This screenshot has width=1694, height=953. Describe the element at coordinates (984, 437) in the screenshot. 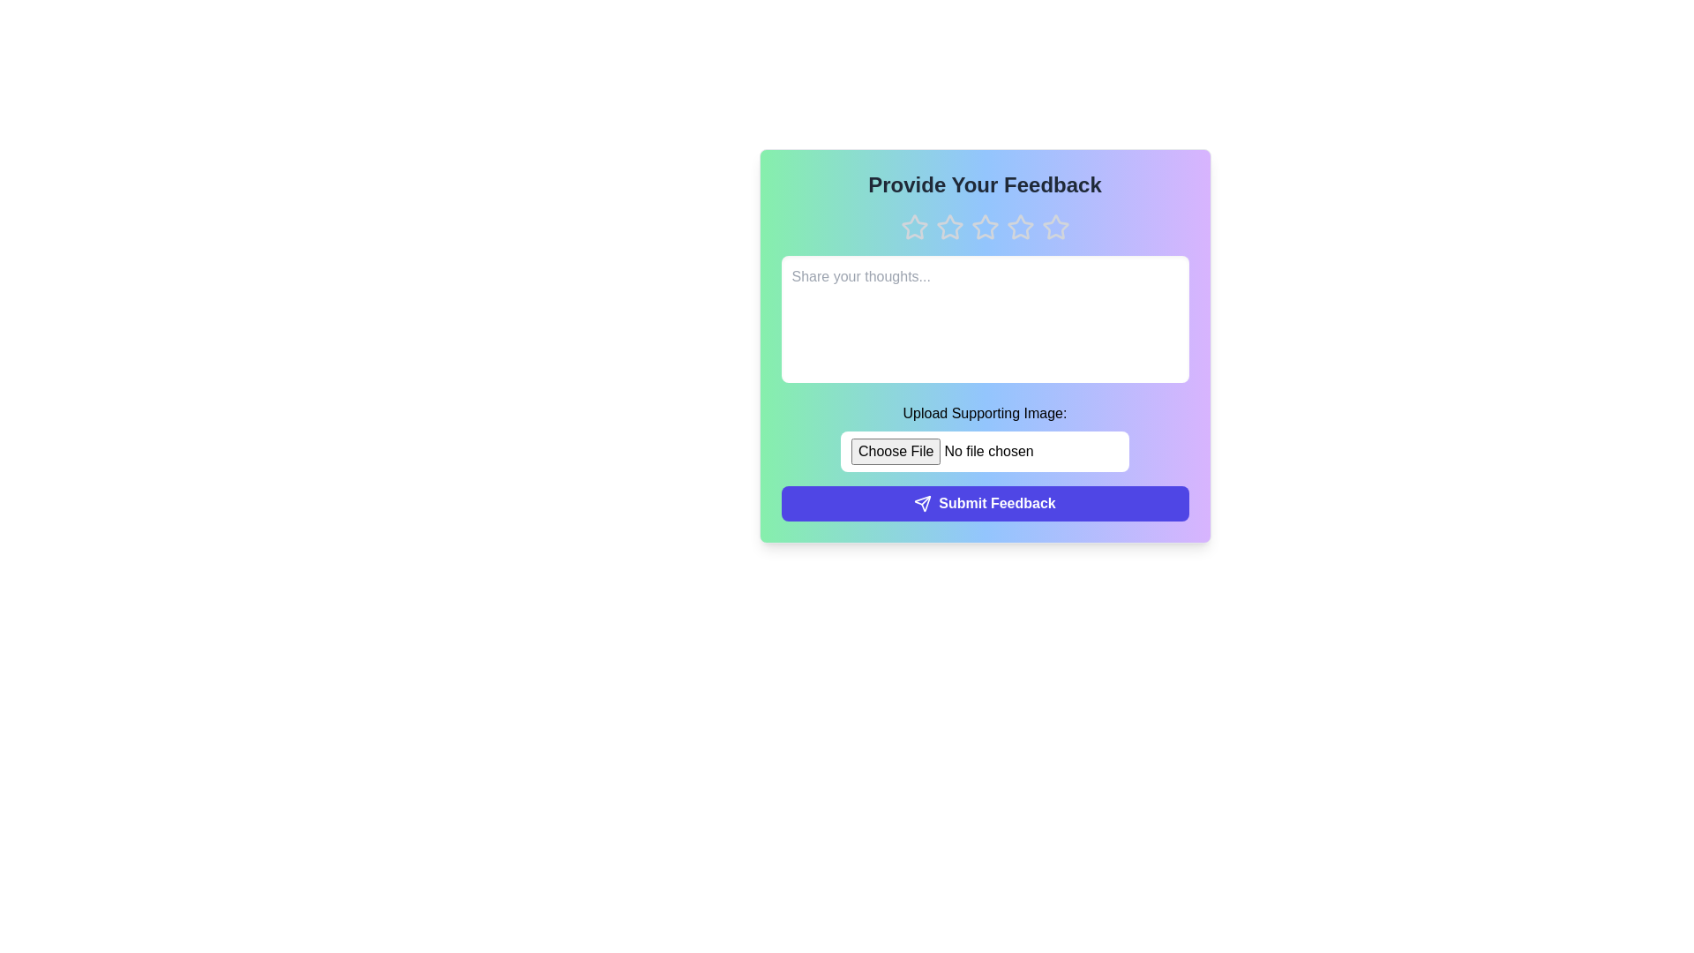

I see `the 'Choose File' button in the file input field labeled 'Upload Supporting Image:'` at that location.